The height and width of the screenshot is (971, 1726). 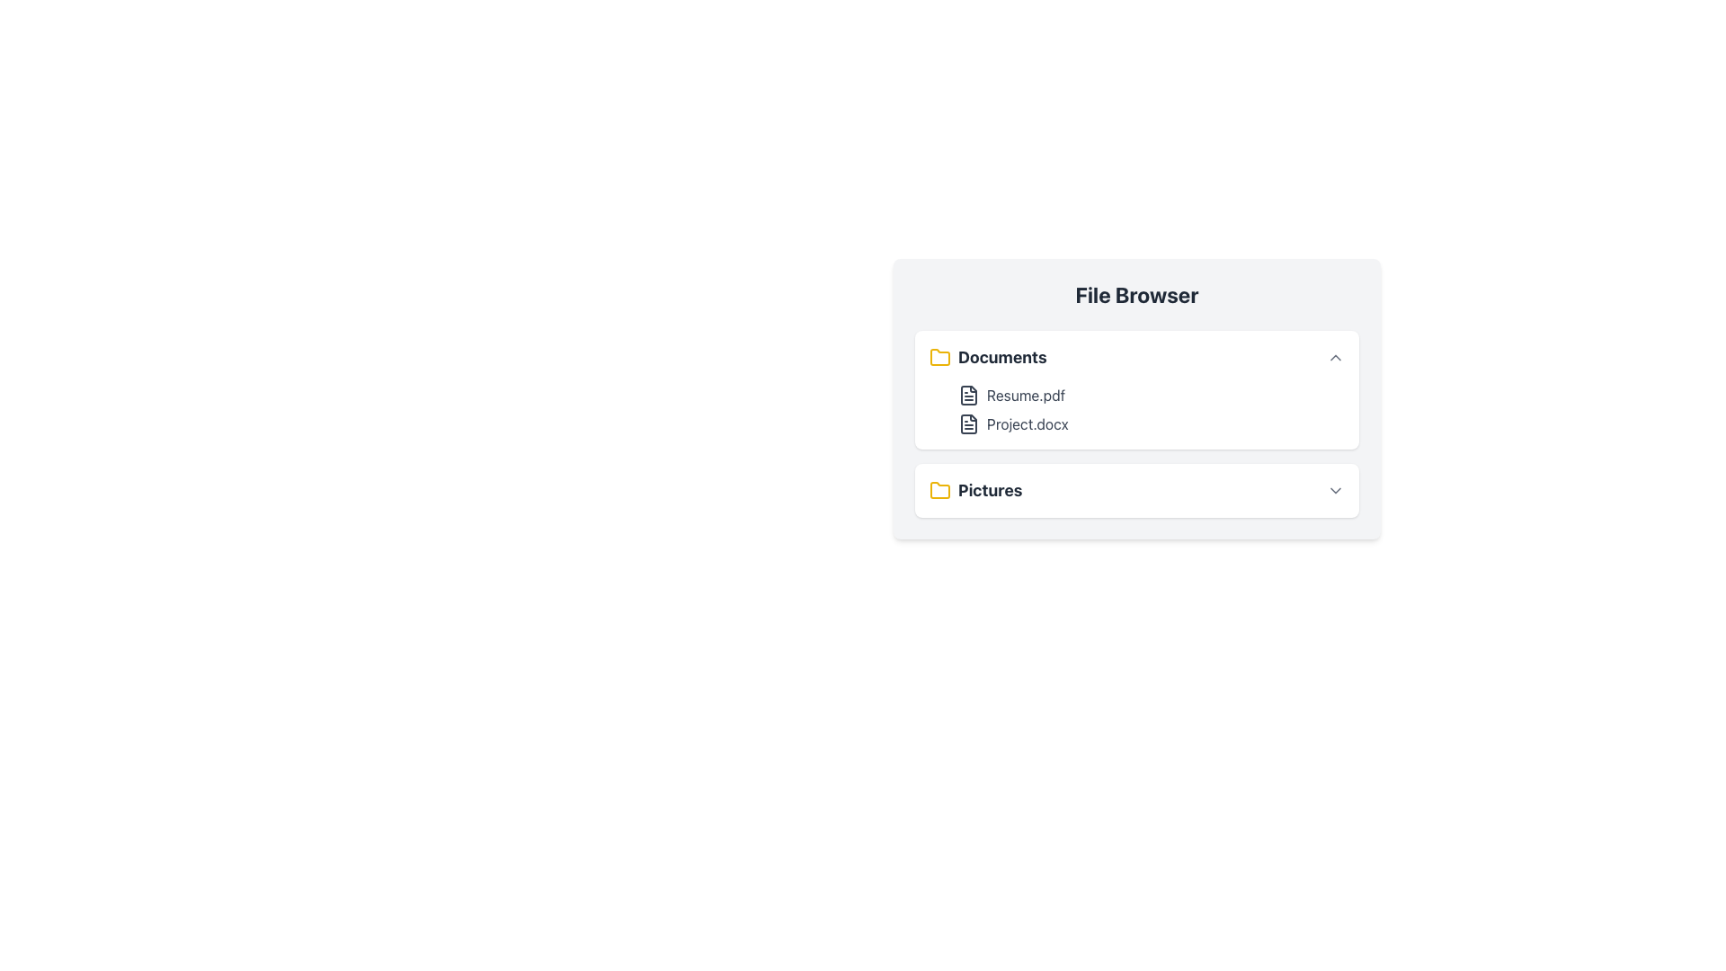 I want to click on the document icon located on the left side of the 'Resume.pdf' row within the 'Documents' section of the file browser interface, so click(x=968, y=394).